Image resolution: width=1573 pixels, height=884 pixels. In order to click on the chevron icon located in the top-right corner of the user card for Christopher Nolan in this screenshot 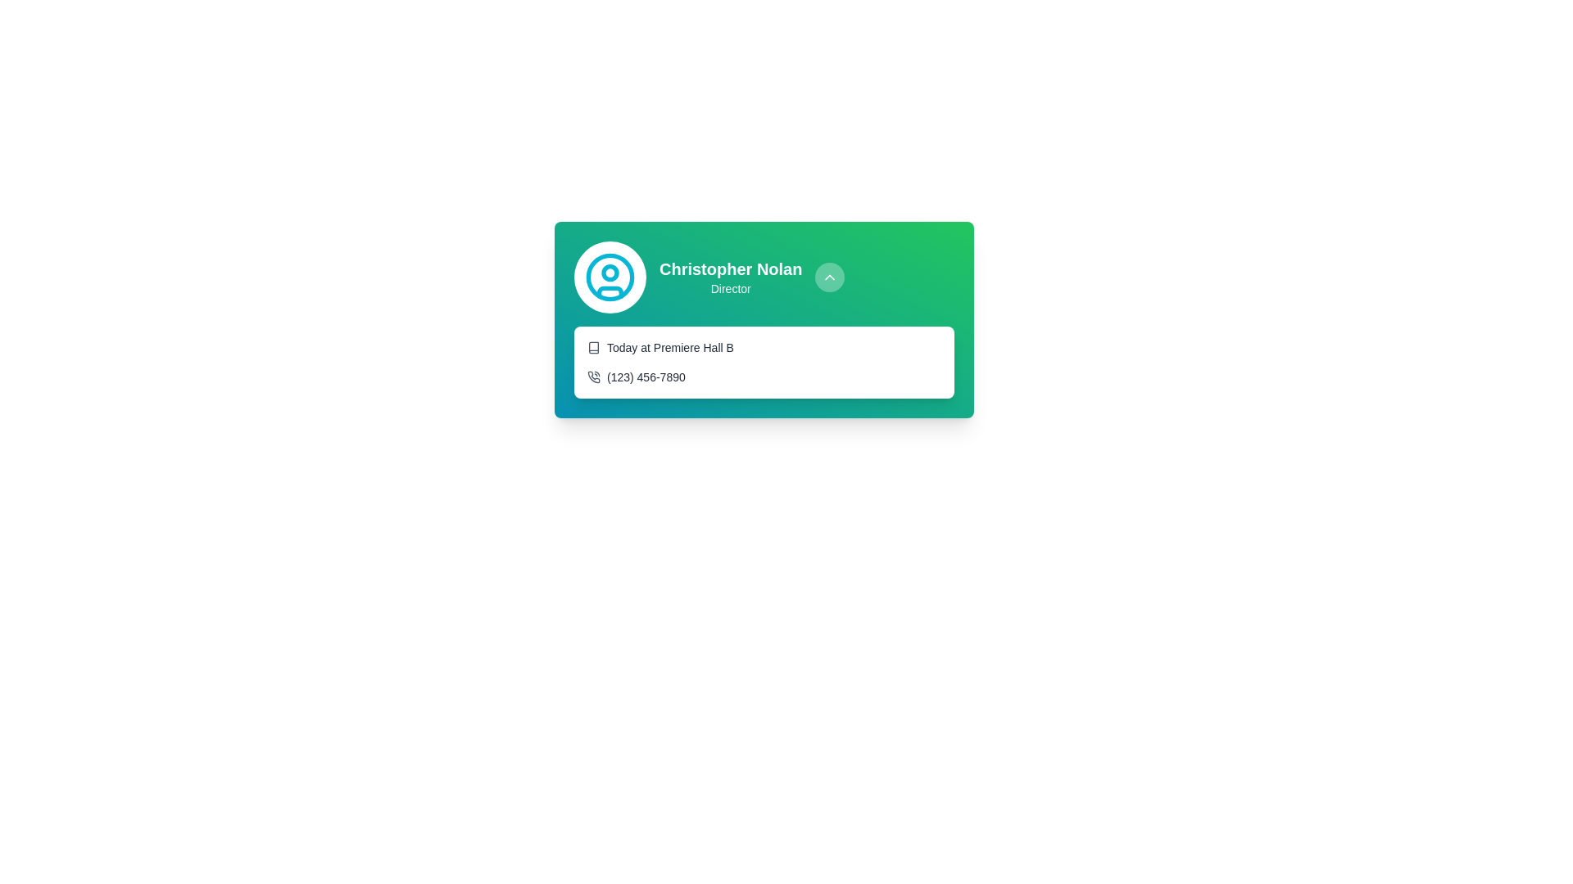, I will do `click(829, 277)`.